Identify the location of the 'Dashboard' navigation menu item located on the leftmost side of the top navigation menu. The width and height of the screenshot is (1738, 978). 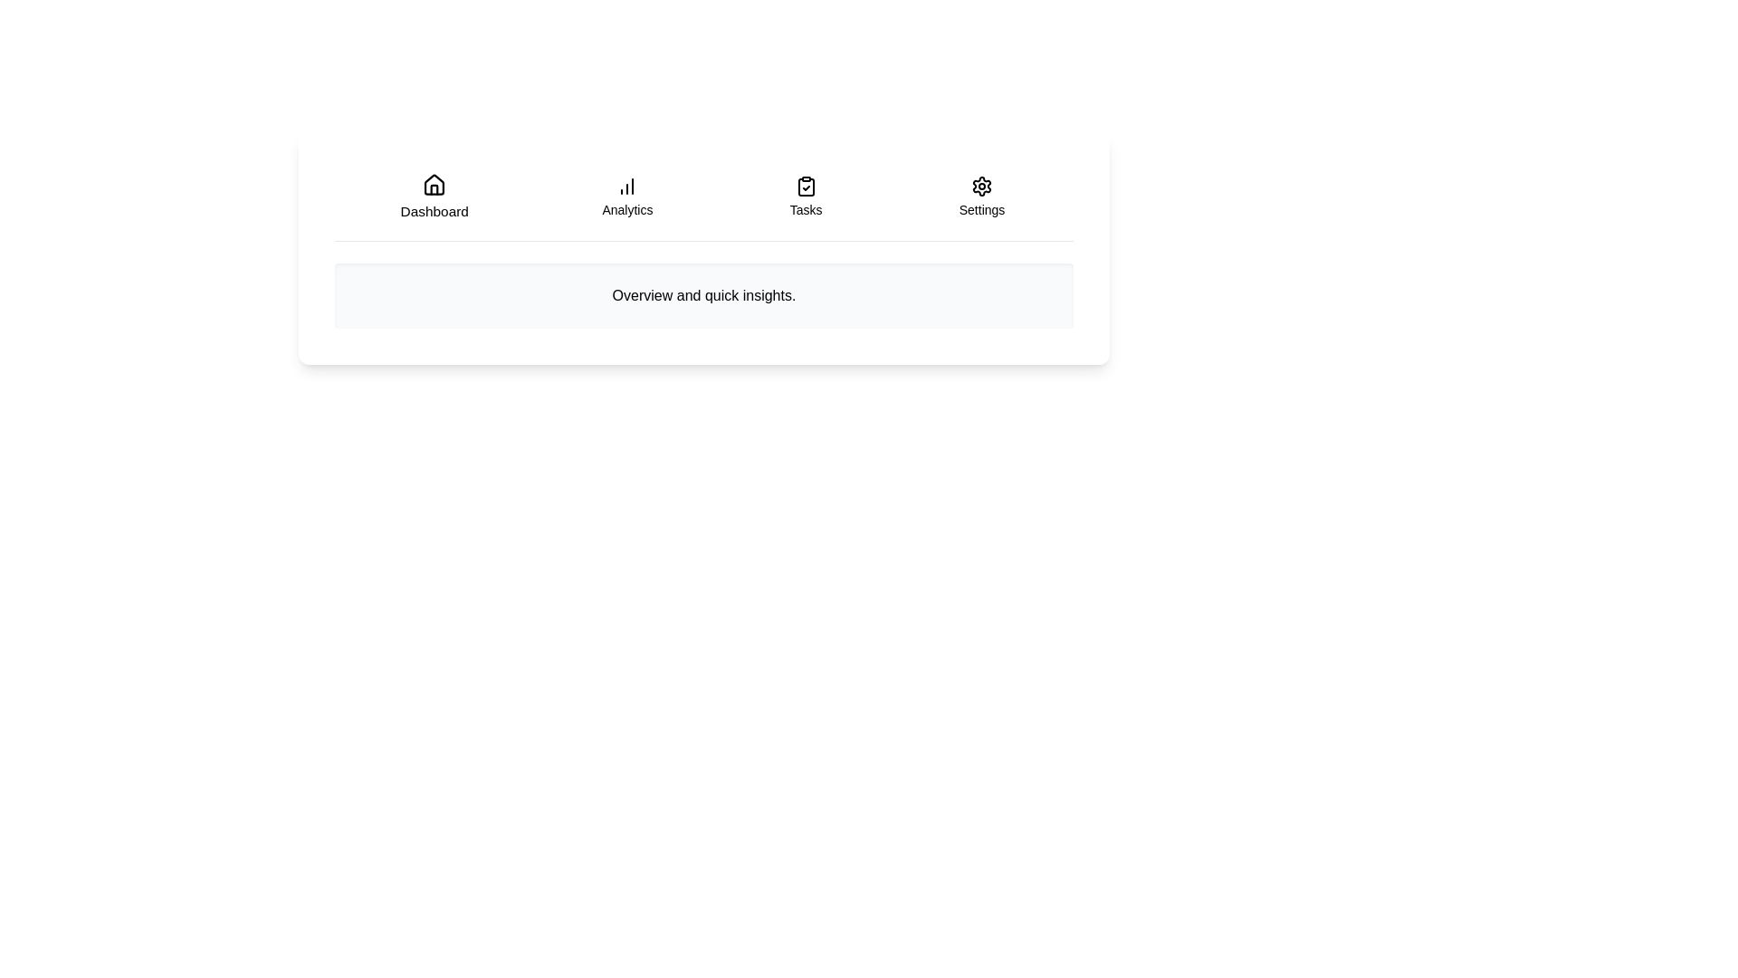
(433, 197).